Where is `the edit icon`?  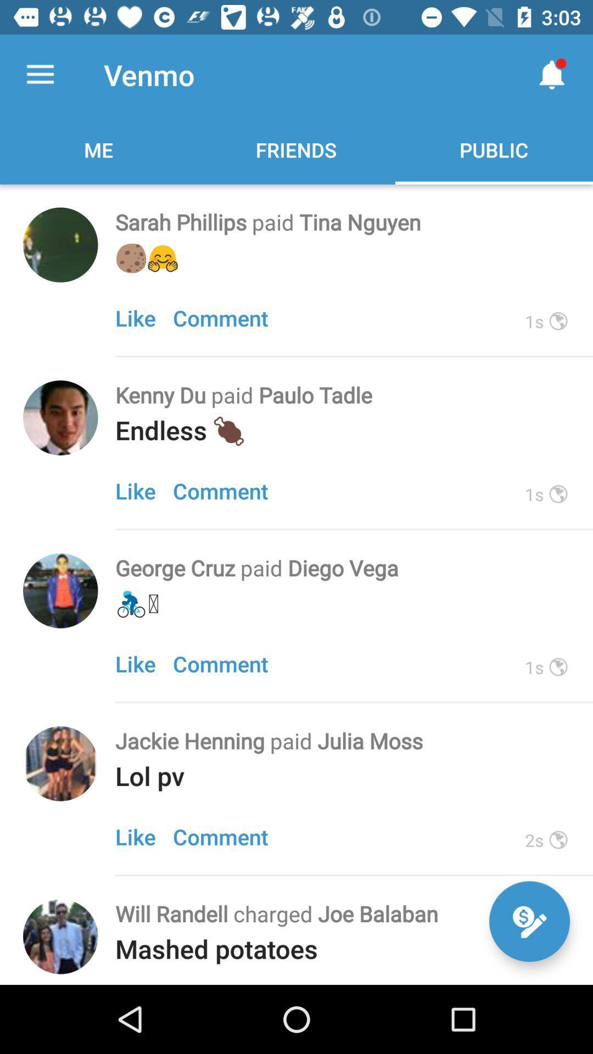 the edit icon is located at coordinates (529, 921).